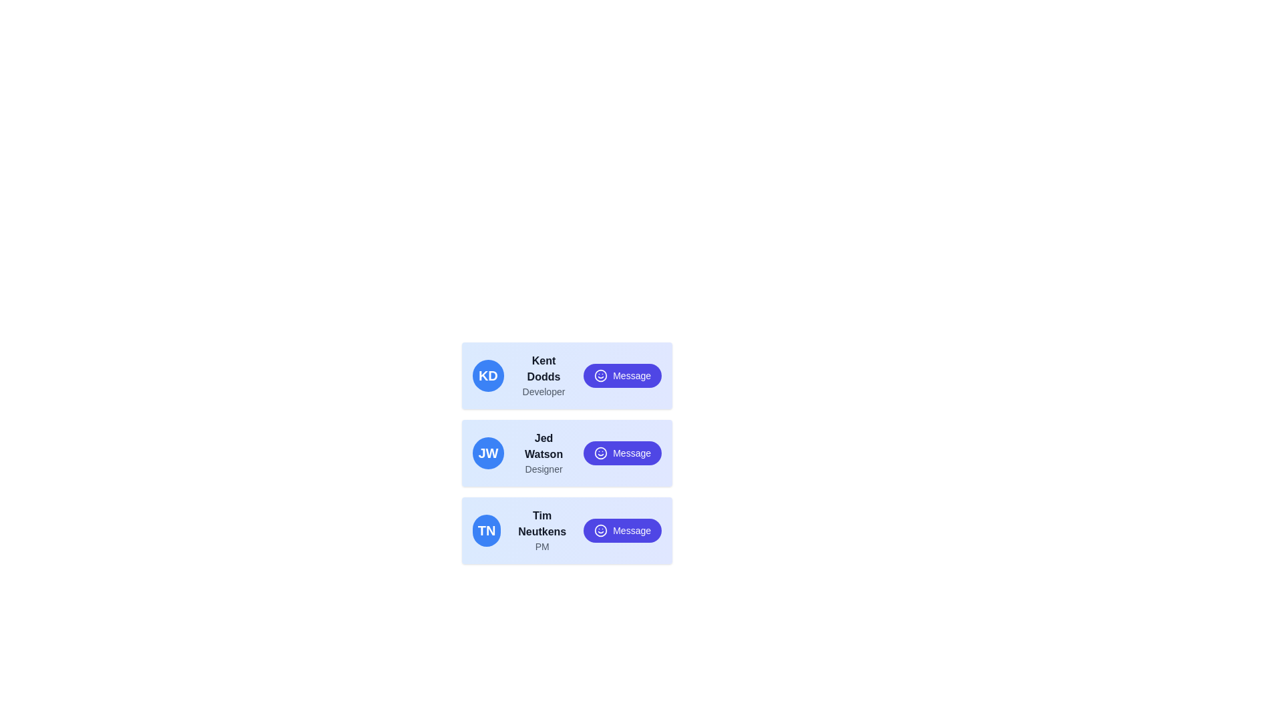 The image size is (1282, 721). Describe the element at coordinates (542, 529) in the screenshot. I see `the text block containing the name 'Tim Neutkens' and the role 'PM' in the third card of the vertically stacked group` at that location.